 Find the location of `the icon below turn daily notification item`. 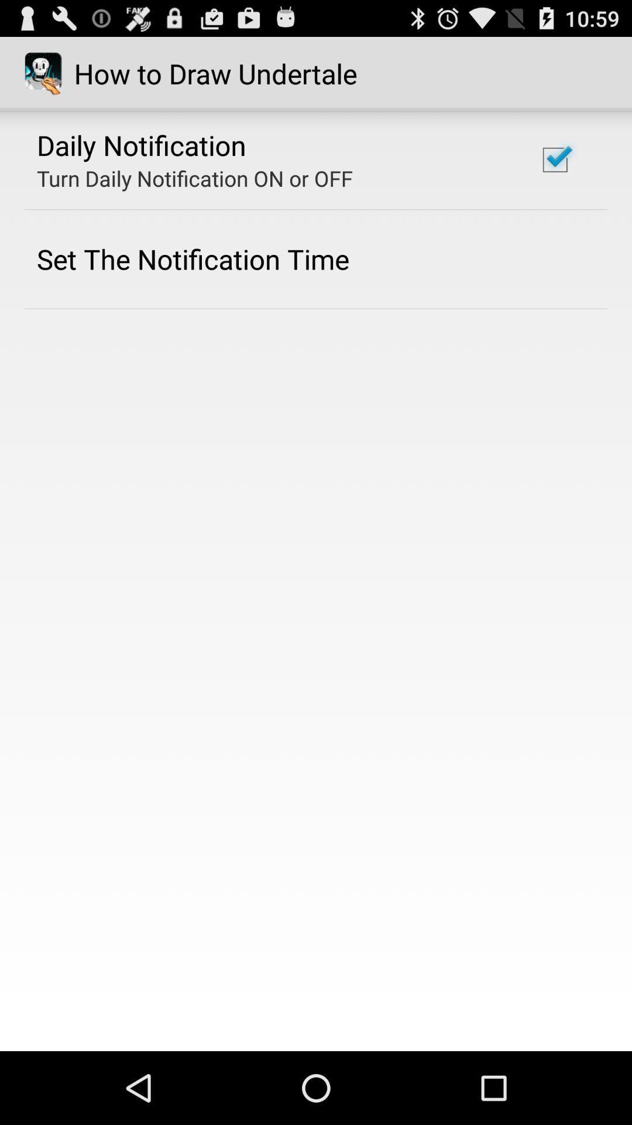

the icon below turn daily notification item is located at coordinates (193, 258).